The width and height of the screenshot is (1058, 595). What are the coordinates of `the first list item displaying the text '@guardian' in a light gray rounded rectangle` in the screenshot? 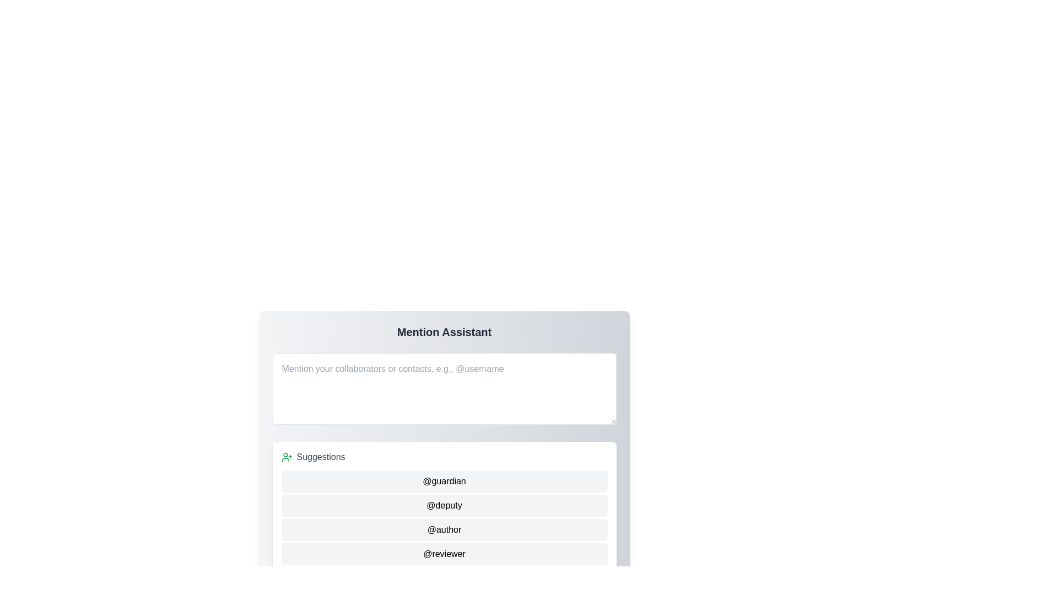 It's located at (444, 481).